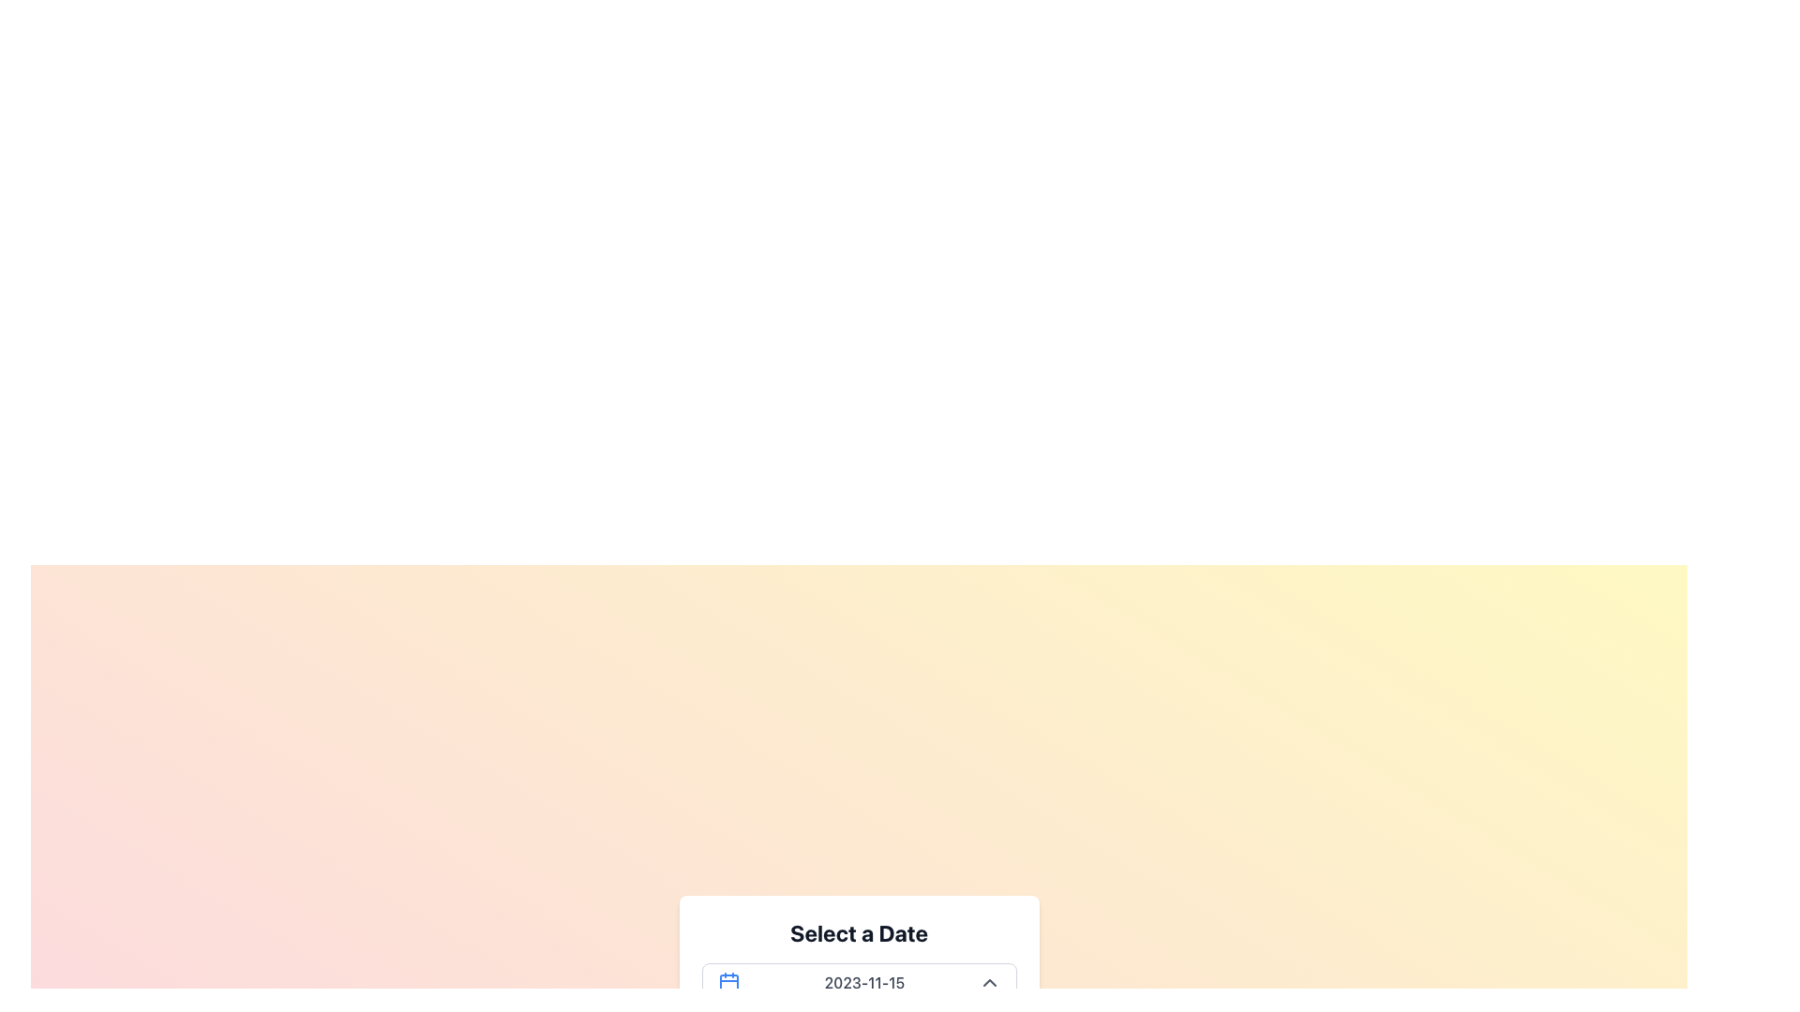 This screenshot has width=1800, height=1012. I want to click on text of the bold 'Select a Date' label located at the top of the card, which serves as a header for the calendar interface, so click(858, 932).